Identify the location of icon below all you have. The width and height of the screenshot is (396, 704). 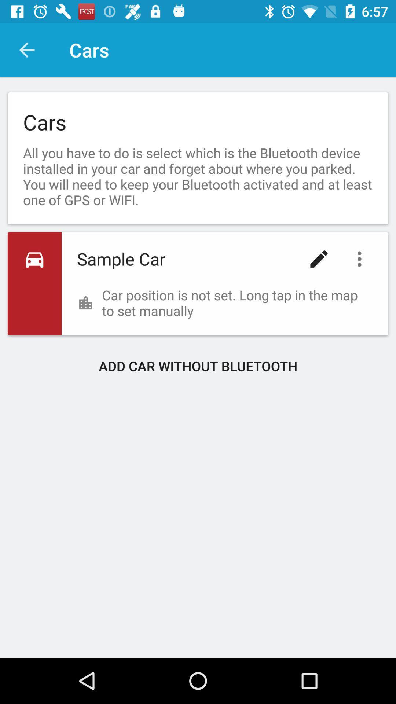
(361, 259).